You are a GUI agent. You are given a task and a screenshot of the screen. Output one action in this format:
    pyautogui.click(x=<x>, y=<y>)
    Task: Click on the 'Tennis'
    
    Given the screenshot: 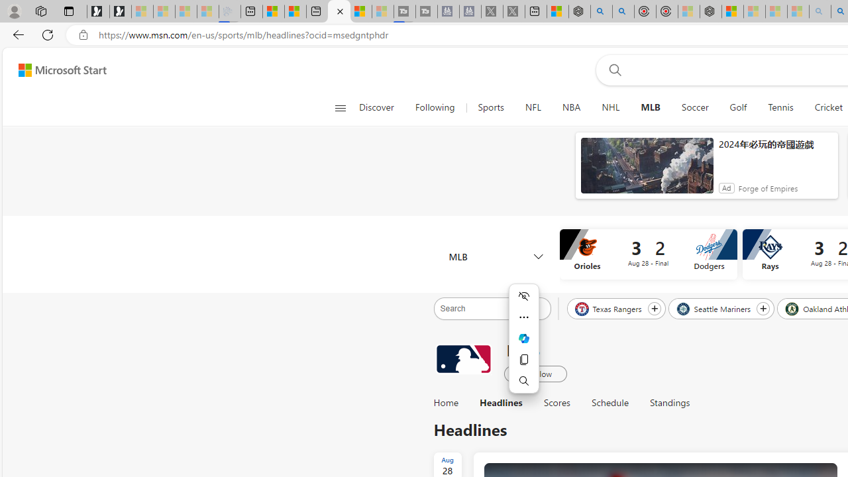 What is the action you would take?
    pyautogui.click(x=780, y=107)
    